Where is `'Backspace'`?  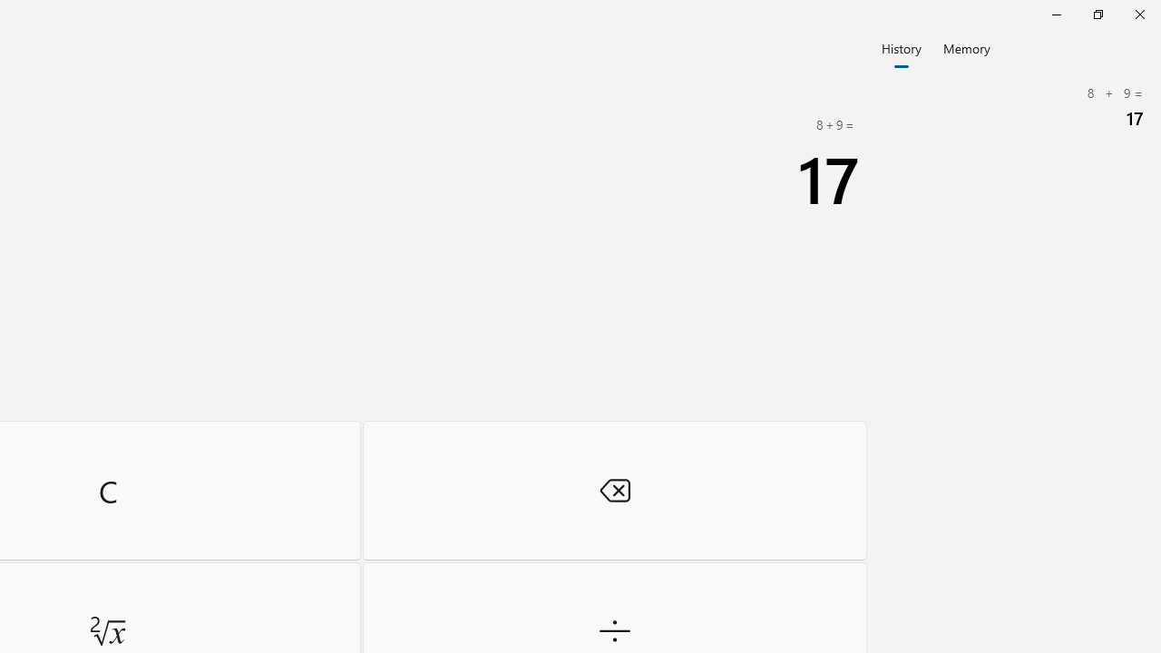
'Backspace' is located at coordinates (614, 490).